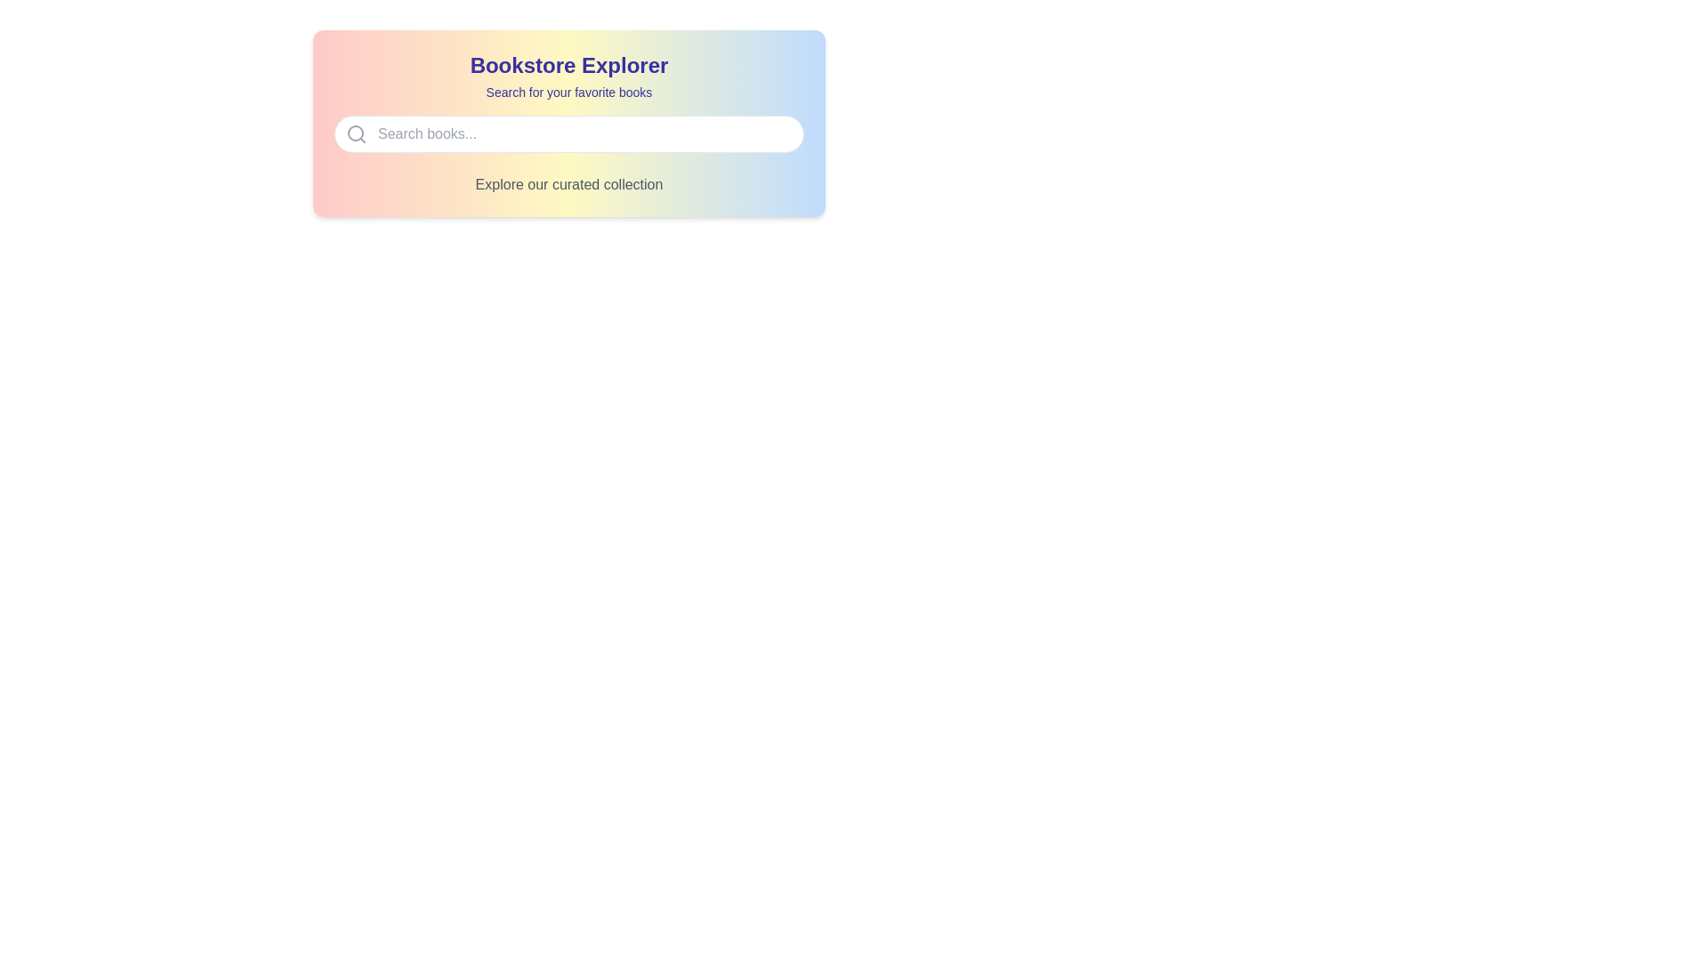 The width and height of the screenshot is (1708, 961). Describe the element at coordinates (355, 133) in the screenshot. I see `the circular part of the search icon located on the left side of the text input field to initiate a search operation` at that location.